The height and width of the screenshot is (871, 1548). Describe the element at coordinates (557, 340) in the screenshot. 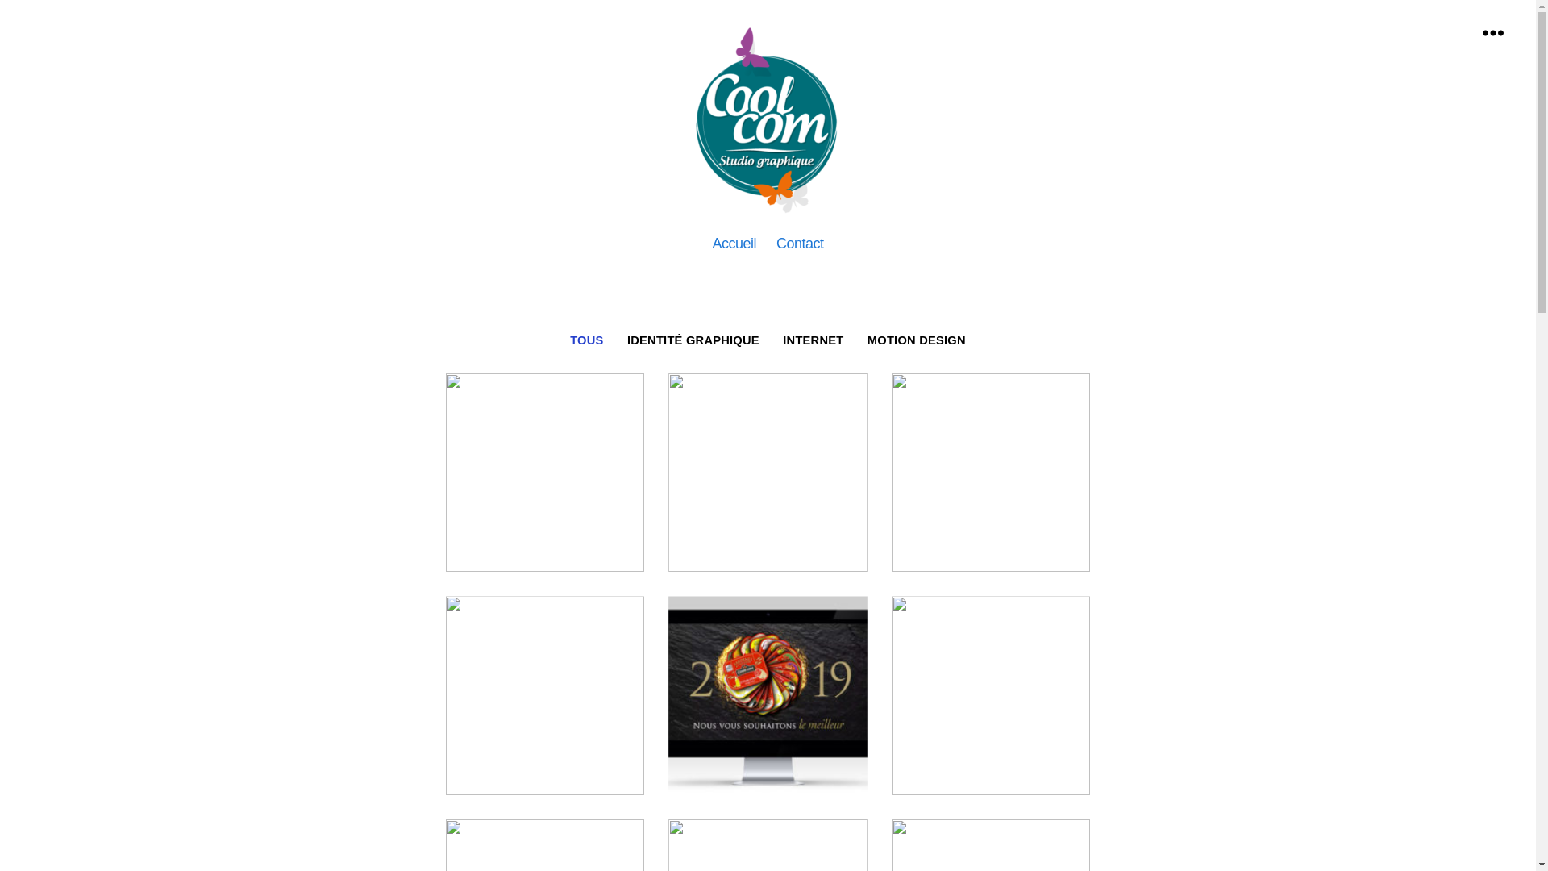

I see `'TOUS'` at that location.